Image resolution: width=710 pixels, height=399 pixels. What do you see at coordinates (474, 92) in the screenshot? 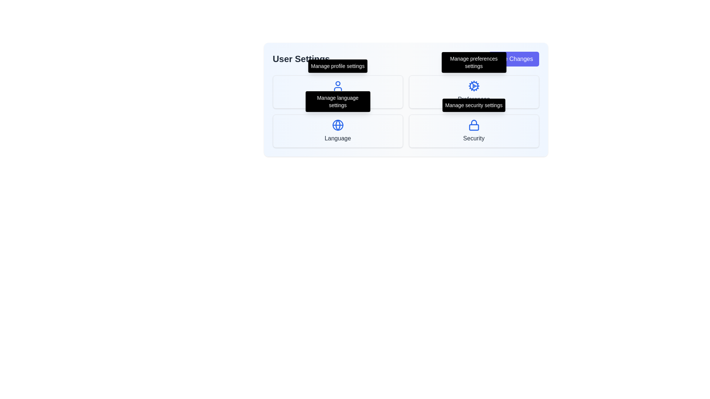
I see `the interactive preferences card, which is the second card in a grid layout, featuring a blue gear icon and the text 'Preferences' in bold below it` at bounding box center [474, 92].